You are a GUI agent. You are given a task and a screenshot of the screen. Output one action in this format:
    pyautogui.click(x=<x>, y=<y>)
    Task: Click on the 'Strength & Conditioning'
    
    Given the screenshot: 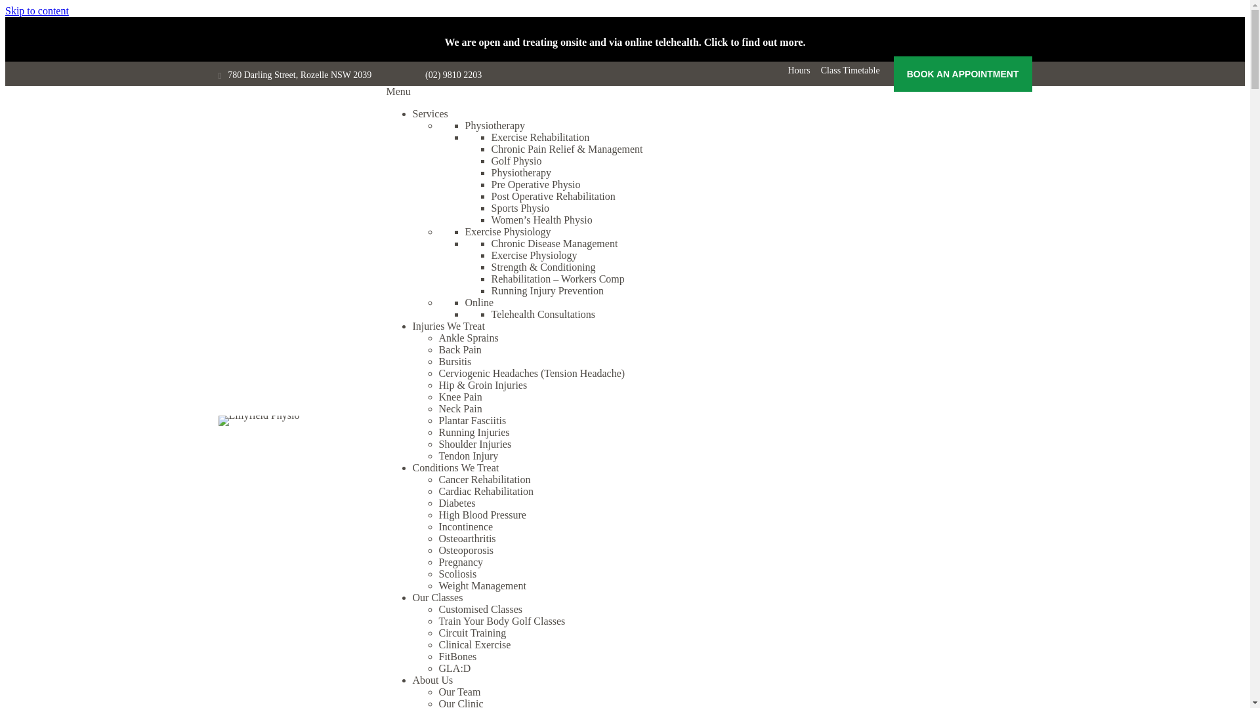 What is the action you would take?
    pyautogui.click(x=490, y=266)
    